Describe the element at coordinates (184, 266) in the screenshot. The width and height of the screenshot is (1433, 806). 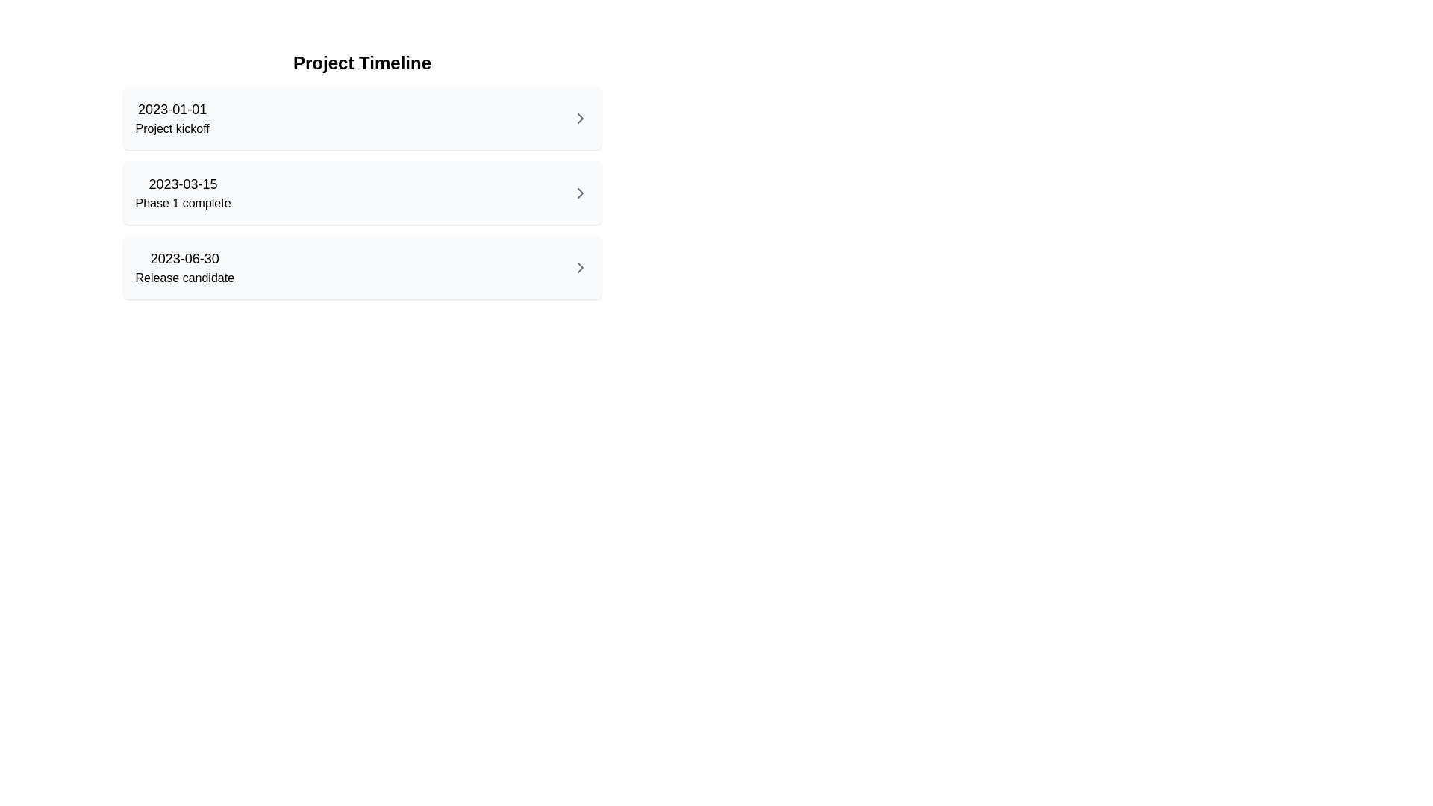
I see `the text label displaying '2023-06-30' which is positioned above 'Release candidate' in the third row under the 'Project Timeline' header` at that location.